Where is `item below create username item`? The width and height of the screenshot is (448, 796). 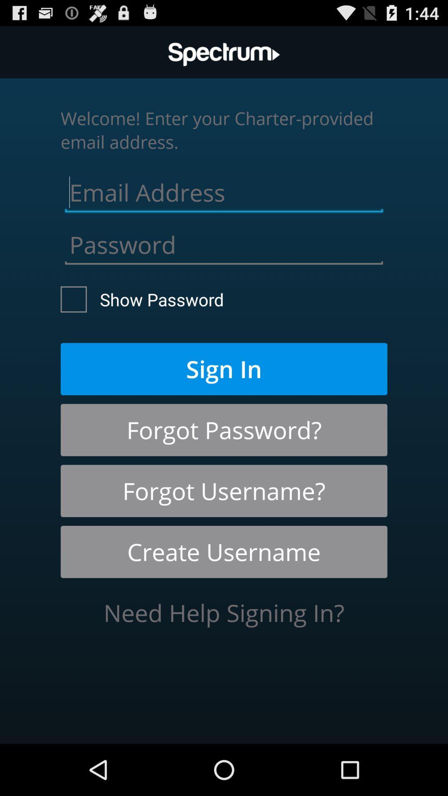
item below create username item is located at coordinates (224, 613).